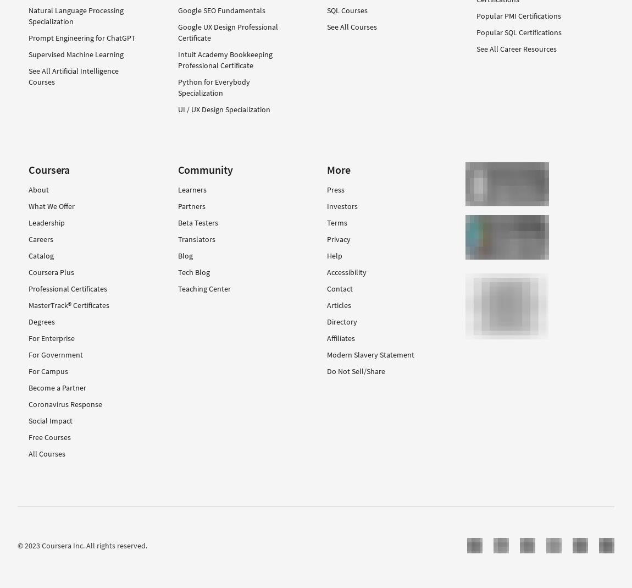 Image resolution: width=632 pixels, height=588 pixels. What do you see at coordinates (518, 15) in the screenshot?
I see `'Popular PMI Certifications'` at bounding box center [518, 15].